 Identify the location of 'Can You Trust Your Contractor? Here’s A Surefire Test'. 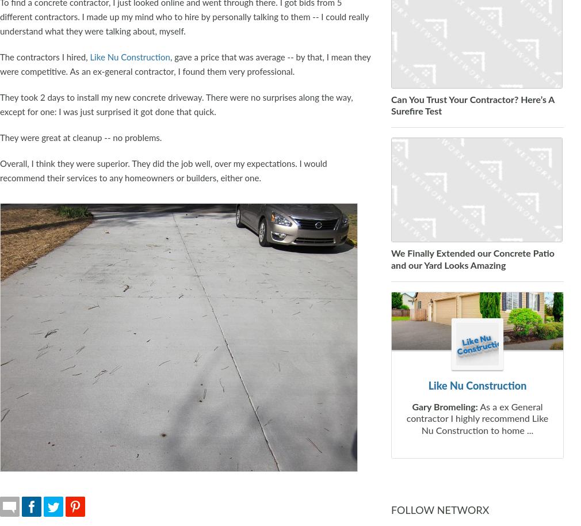
(391, 105).